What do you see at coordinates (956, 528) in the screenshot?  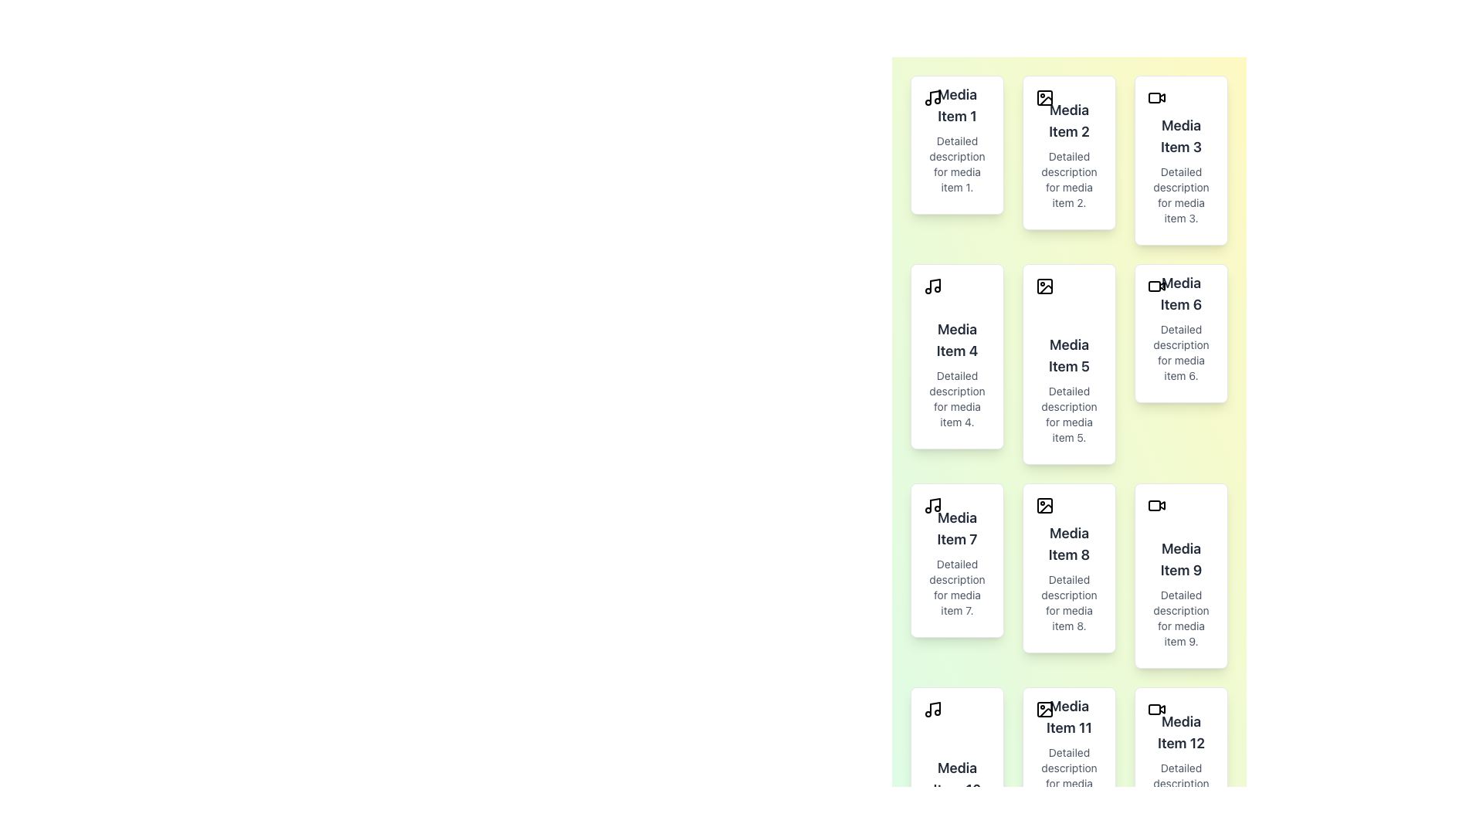 I see `the text label 'Media Item 7', which is prominently displayed in bold dark gray at the top of a card layout, located in the second column, third row of a grid` at bounding box center [956, 528].